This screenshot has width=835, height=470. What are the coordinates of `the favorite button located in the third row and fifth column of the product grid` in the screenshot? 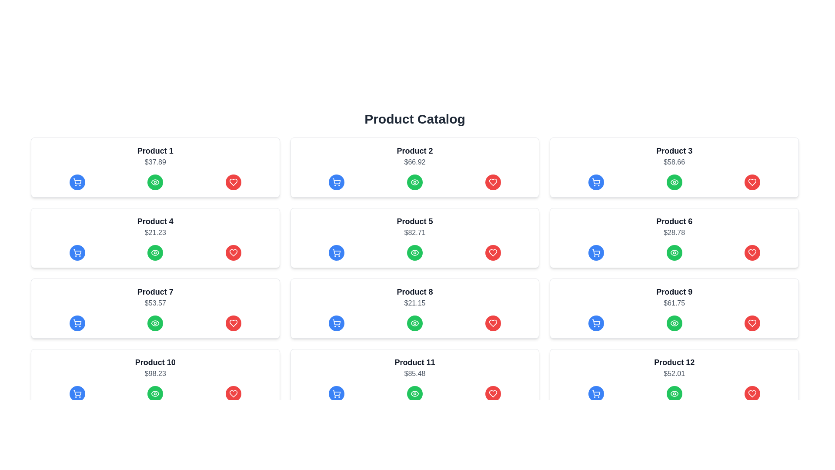 It's located at (493, 253).